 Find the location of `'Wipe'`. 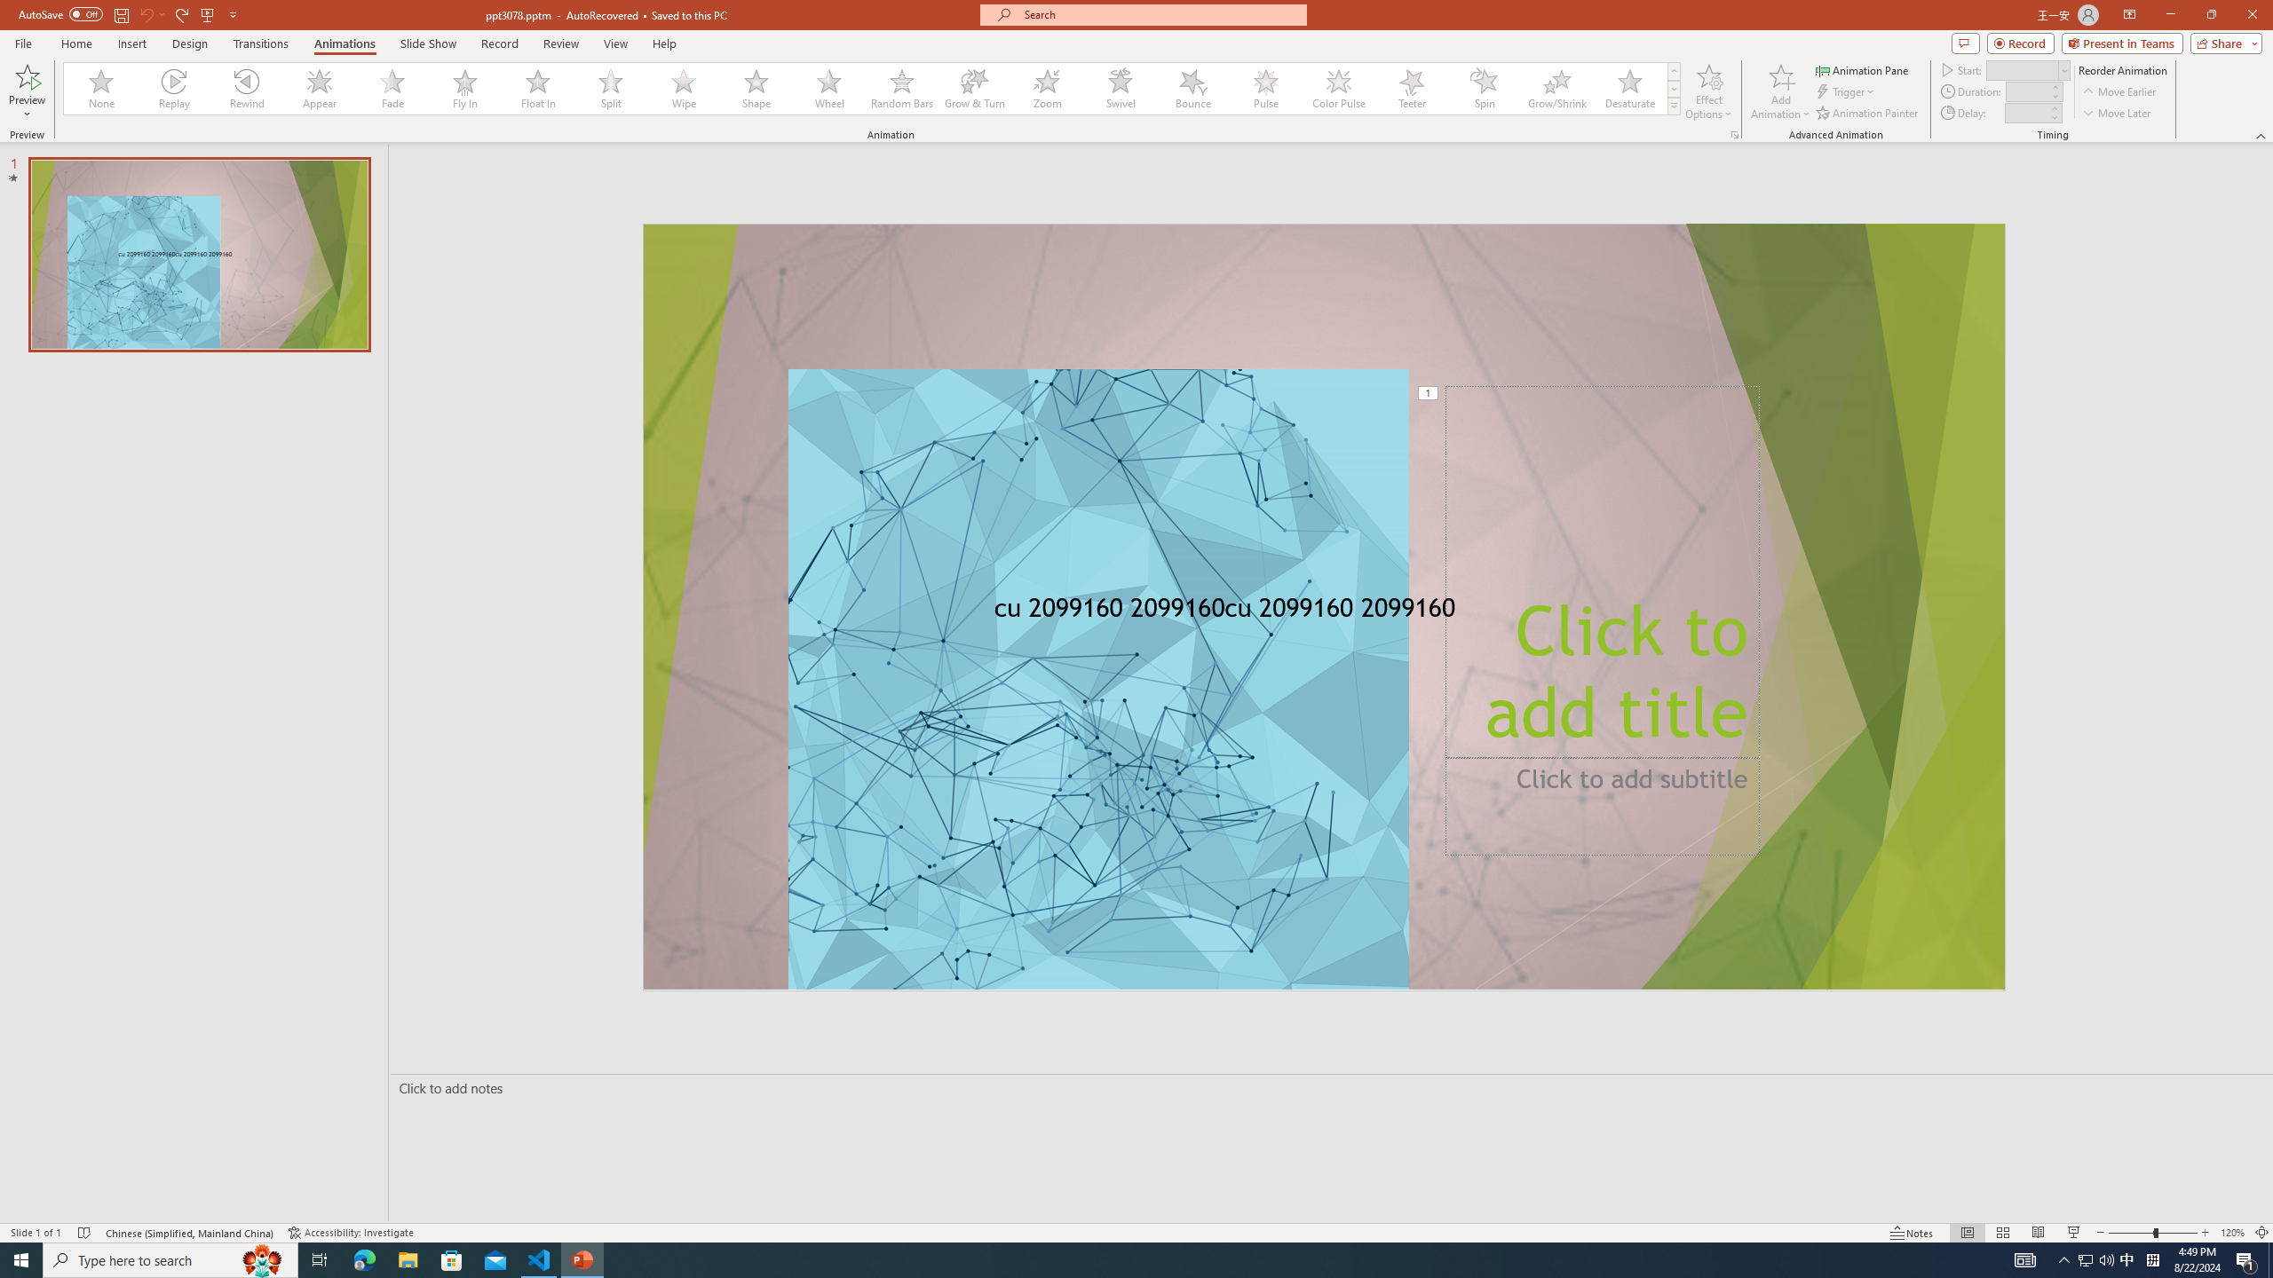

'Wipe' is located at coordinates (684, 88).